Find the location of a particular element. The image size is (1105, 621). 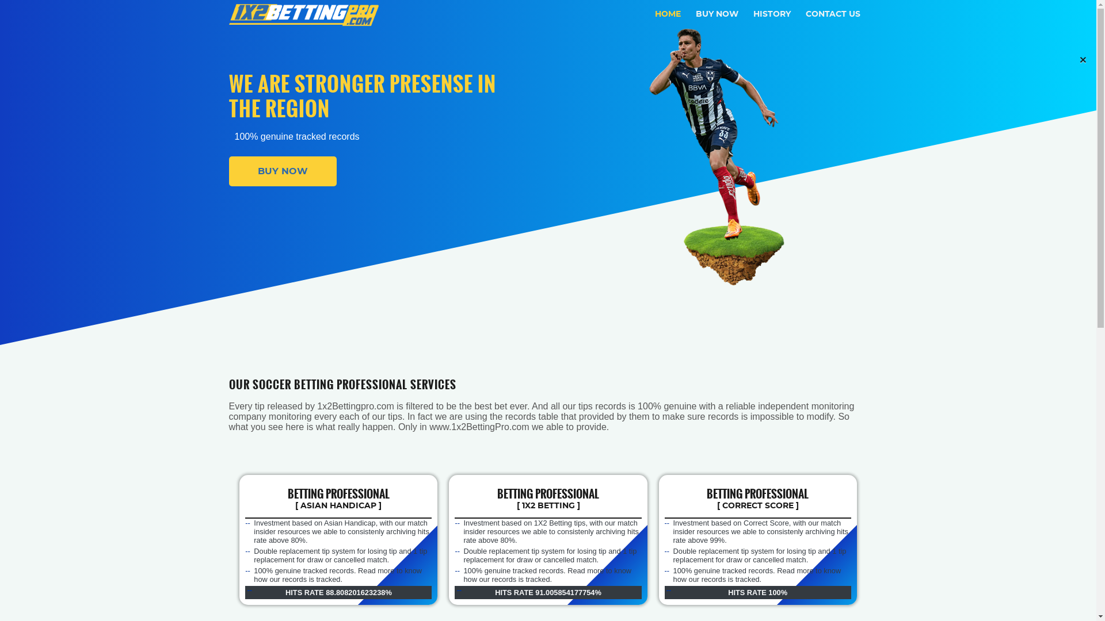

'CONTACT US' is located at coordinates (801, 14).